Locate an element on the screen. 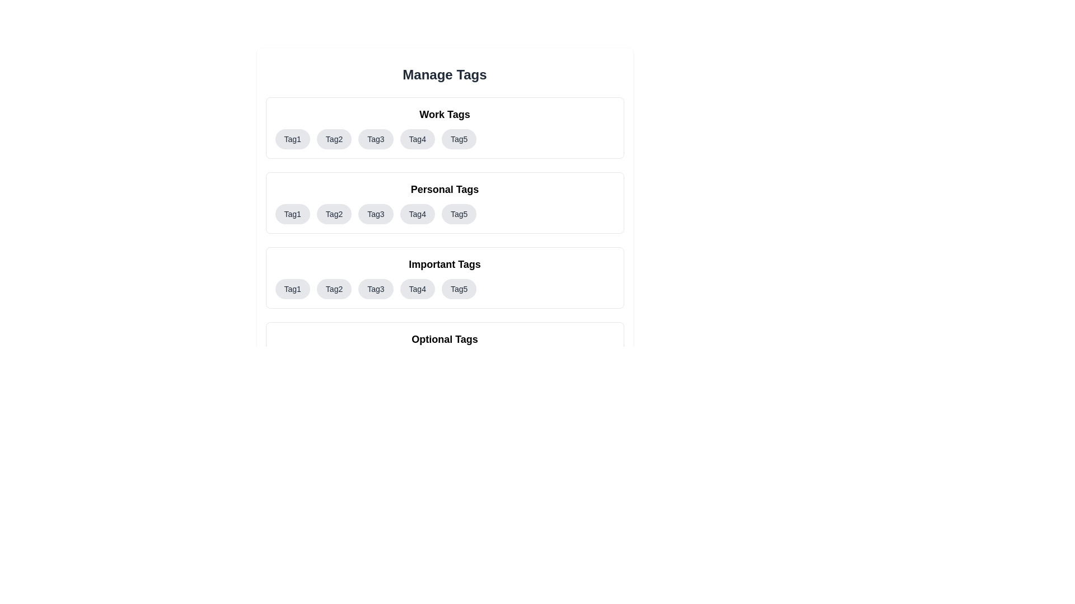  the second tag button labeled 'Tag2' in the 'Personal Tags' section is located at coordinates (334, 214).